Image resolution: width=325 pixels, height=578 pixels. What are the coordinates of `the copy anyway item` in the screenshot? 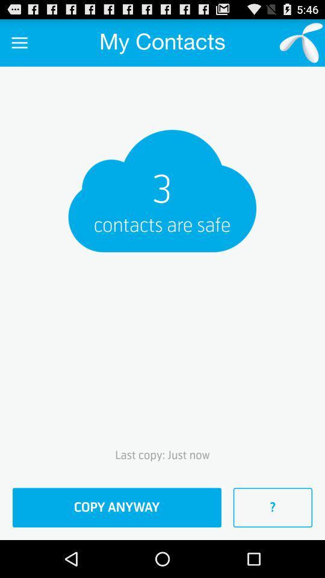 It's located at (117, 507).